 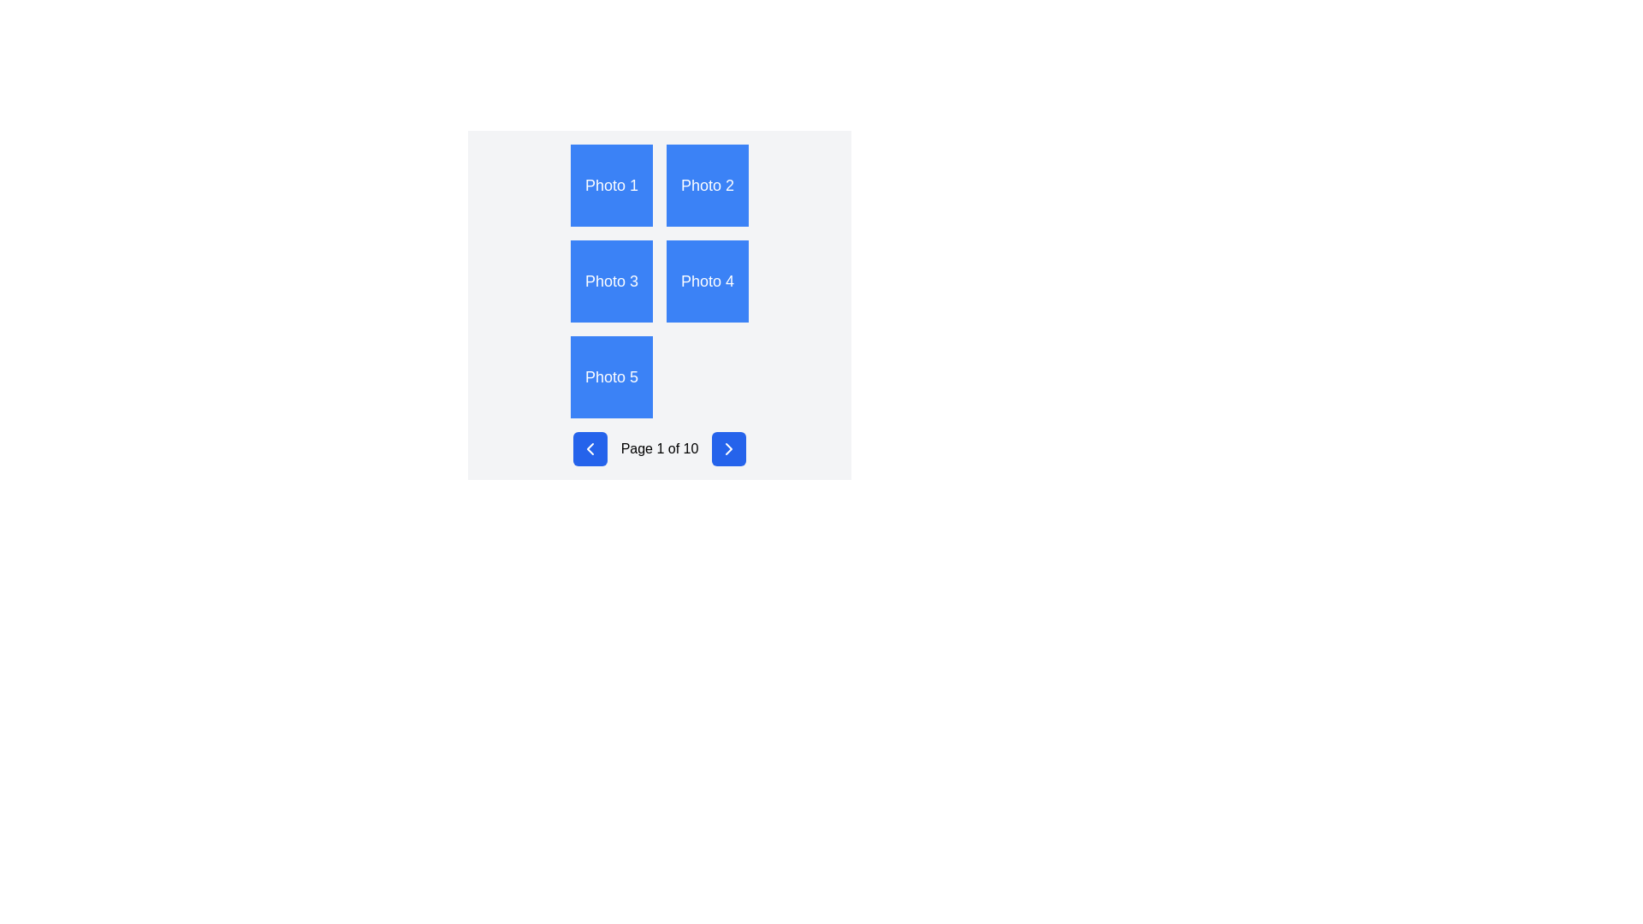 I want to click on the 'Previous Page' button located at the bottom-left of the pagination section, so click(x=590, y=447).